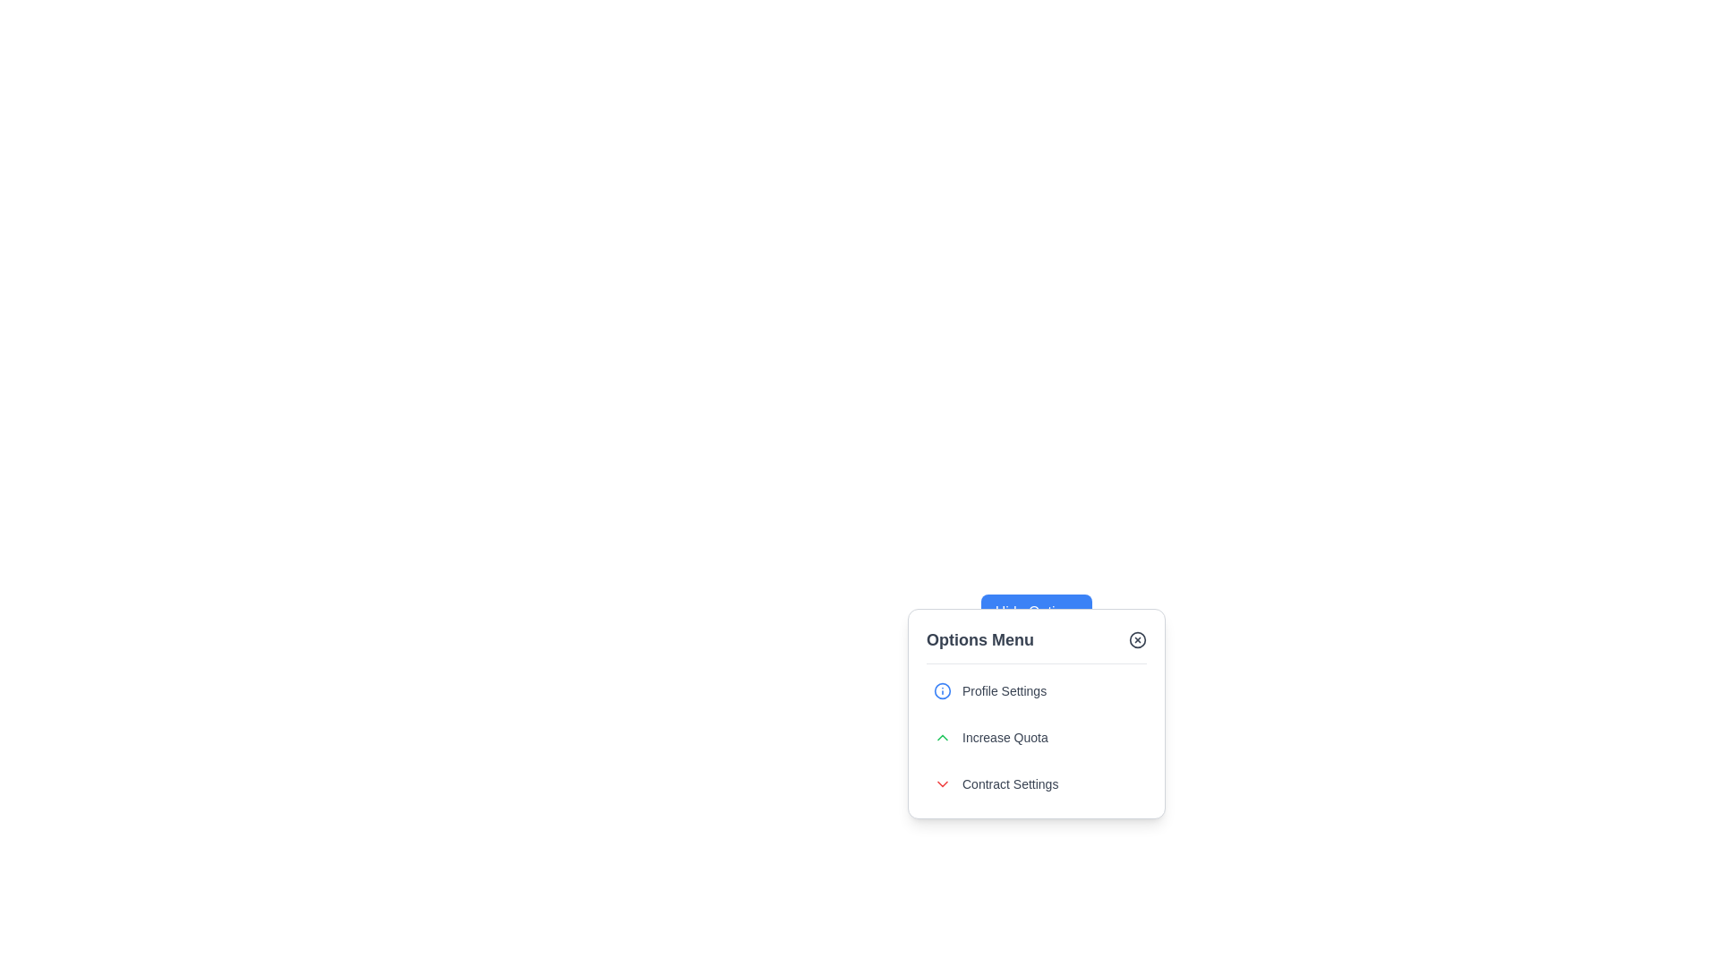  What do you see at coordinates (1137, 638) in the screenshot?
I see `the close button located at the top-right corner of the 'Options Menu' to change its color` at bounding box center [1137, 638].